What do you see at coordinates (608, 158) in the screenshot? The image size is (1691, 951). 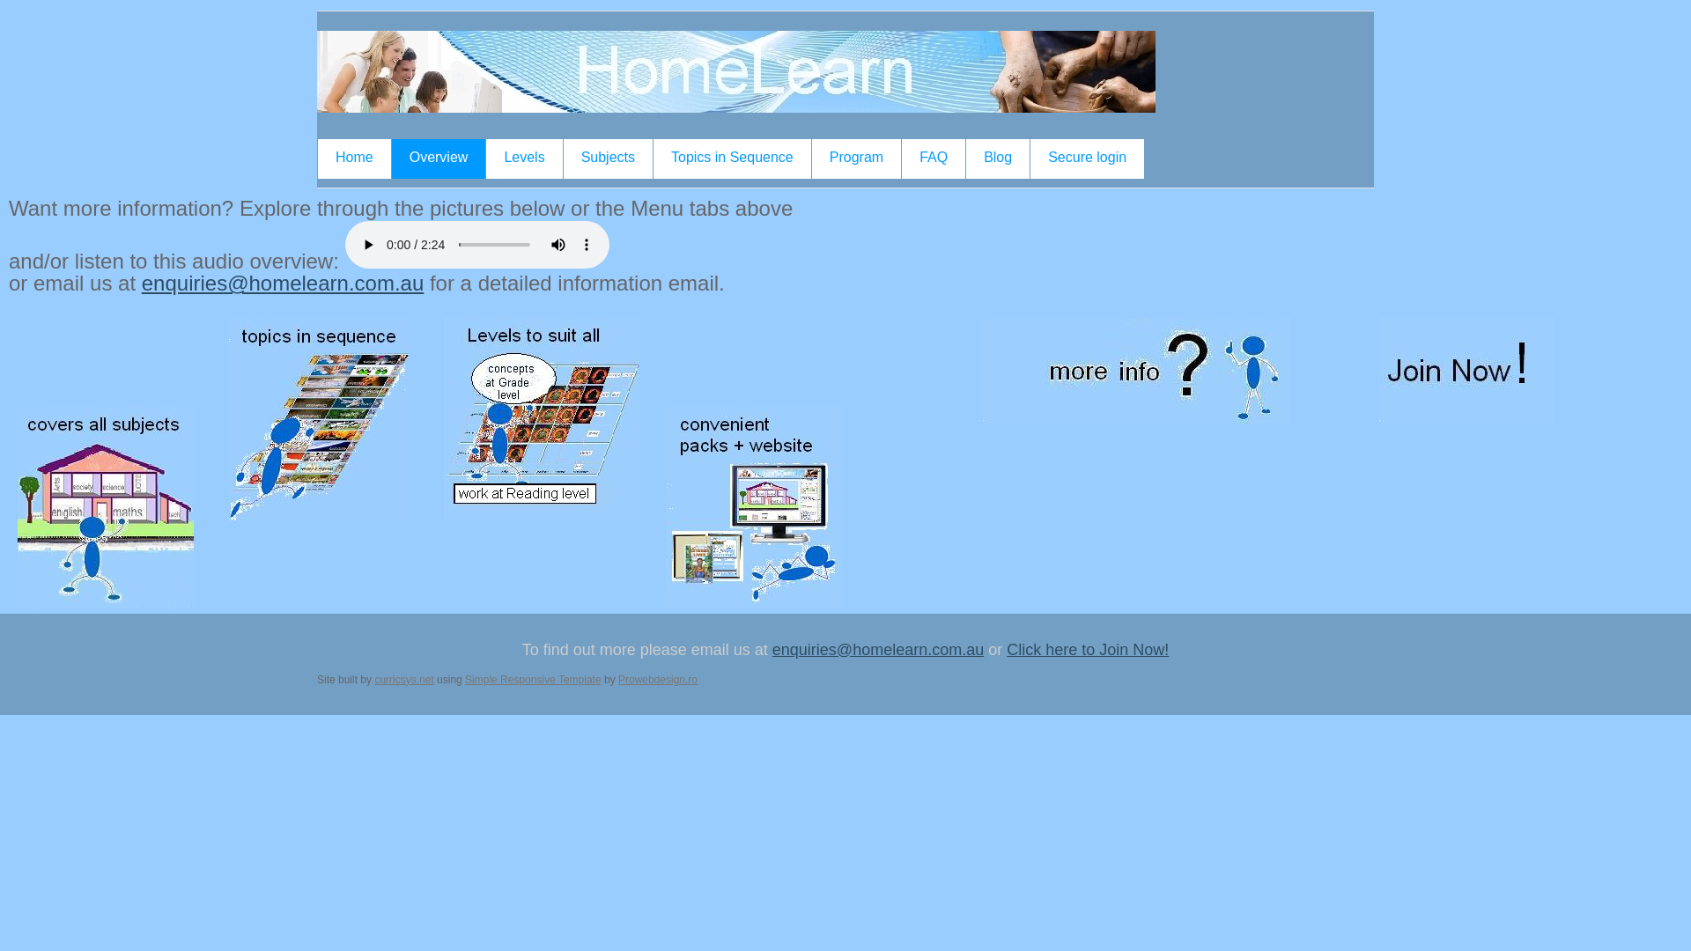 I see `'Subjects'` at bounding box center [608, 158].